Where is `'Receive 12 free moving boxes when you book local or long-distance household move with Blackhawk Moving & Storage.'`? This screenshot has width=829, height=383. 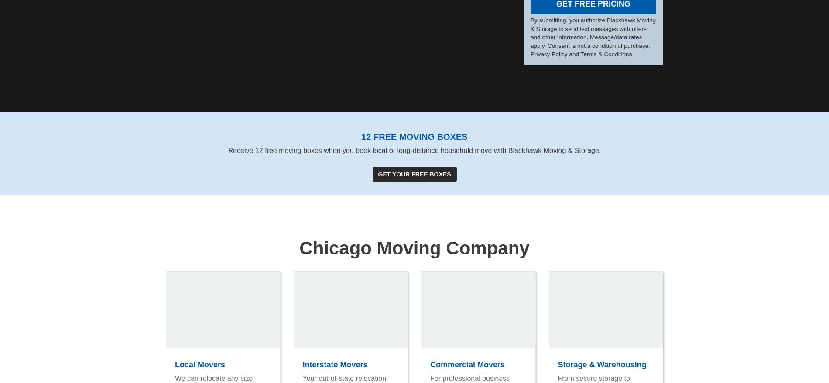 'Receive 12 free moving boxes when you book local or long-distance household move with Blackhawk Moving & Storage.' is located at coordinates (414, 150).